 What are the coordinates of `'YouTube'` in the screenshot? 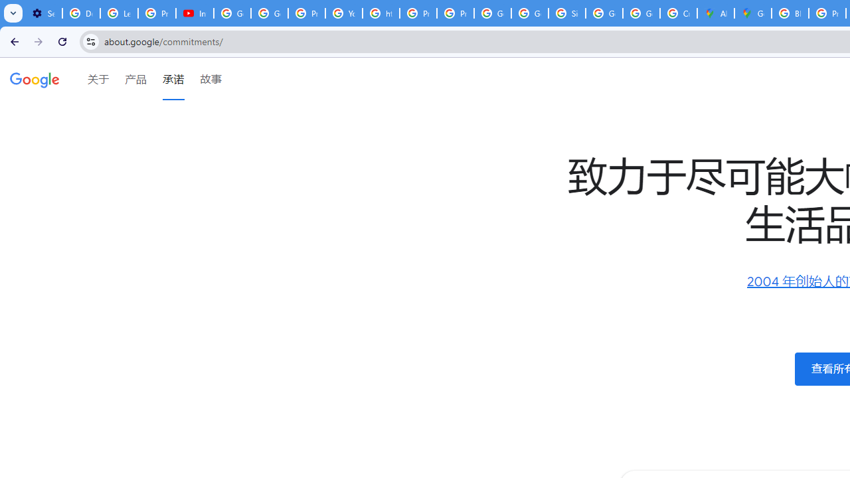 It's located at (344, 13).